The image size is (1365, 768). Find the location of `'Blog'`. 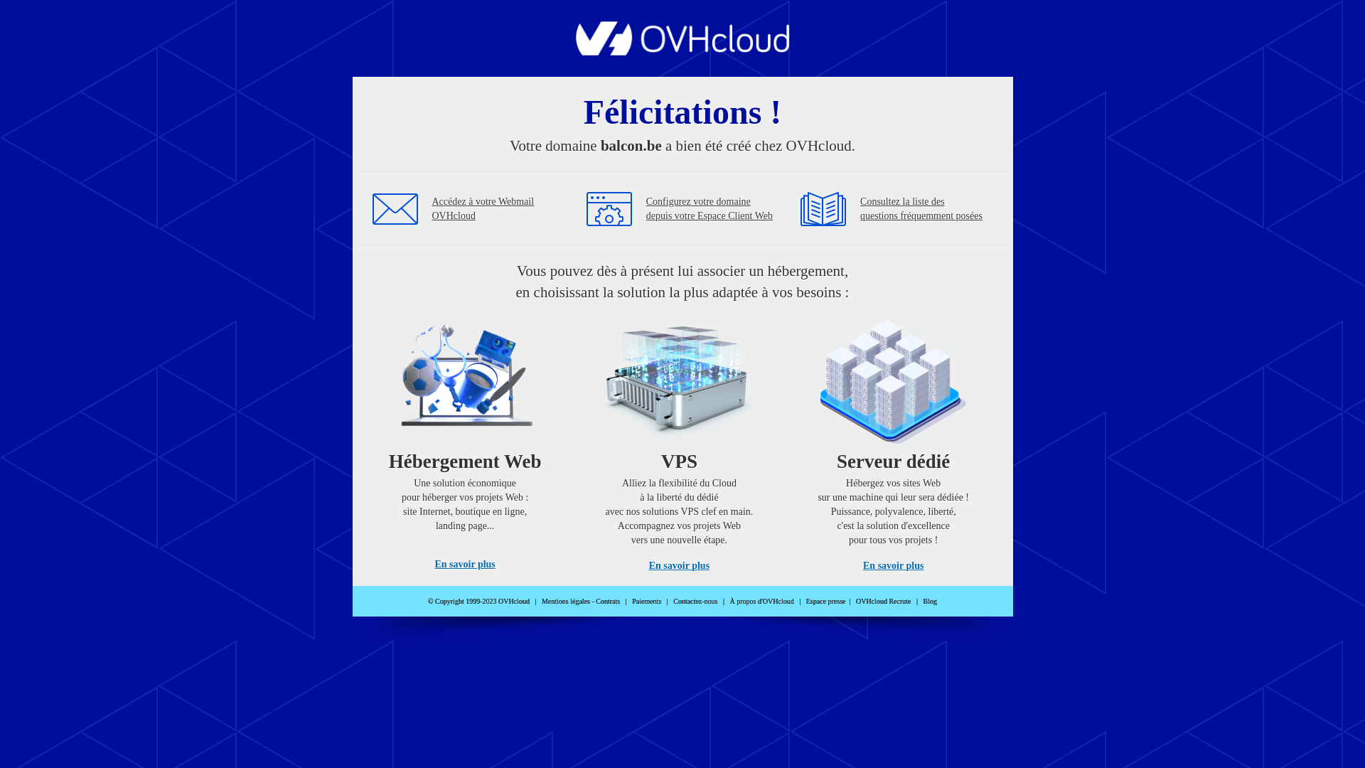

'Blog' is located at coordinates (930, 601).